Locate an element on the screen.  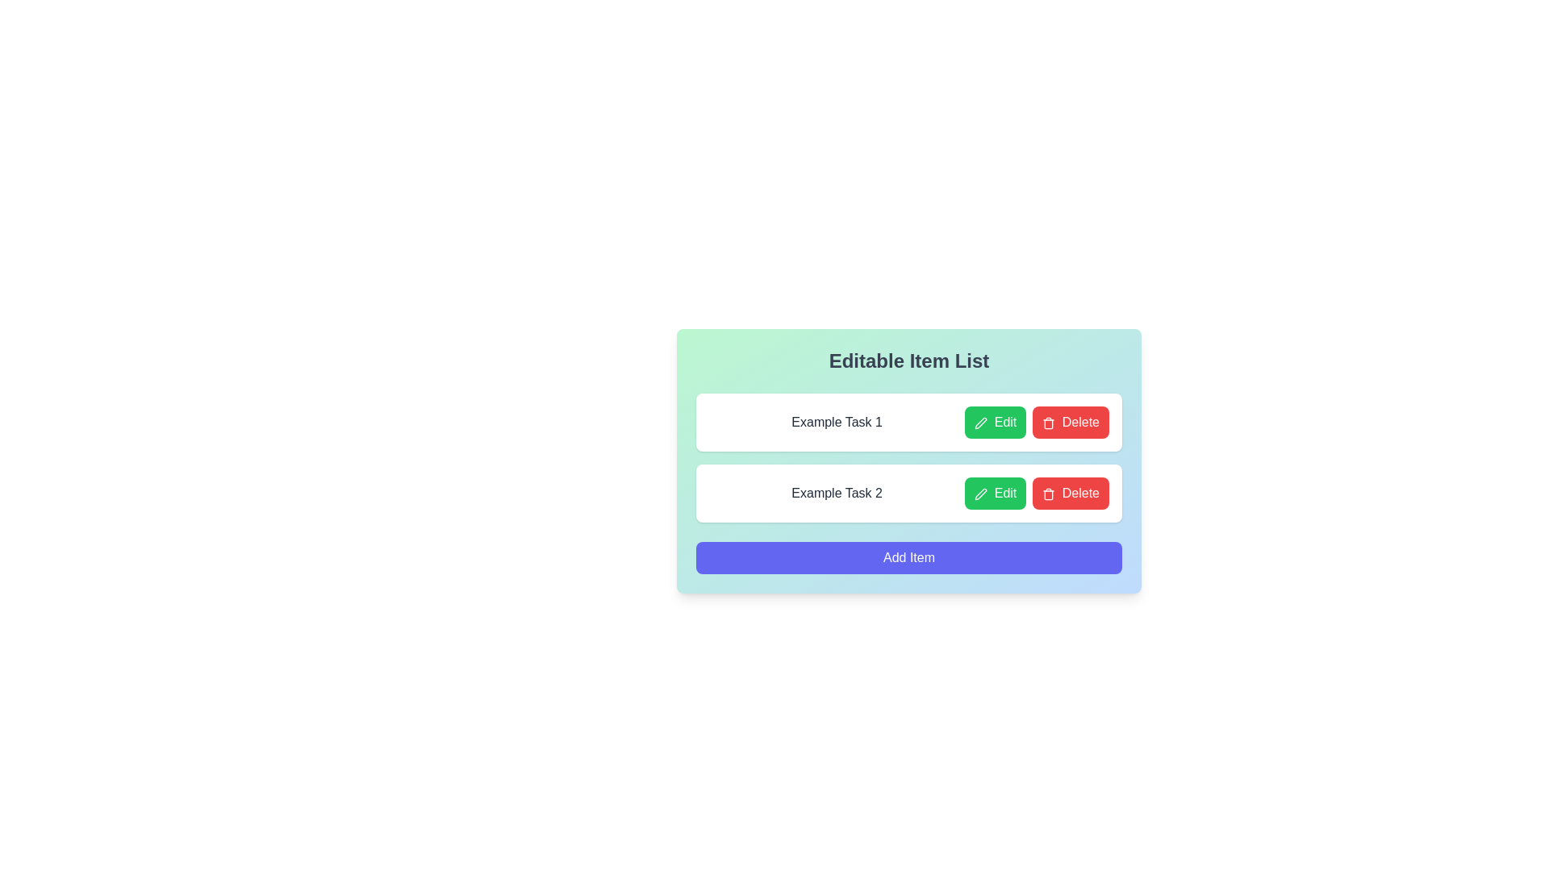
the small trash can icon, which is styled in red and is part of the 'Delete' button located on the right-hand side of the second row in the list is located at coordinates (1049, 493).